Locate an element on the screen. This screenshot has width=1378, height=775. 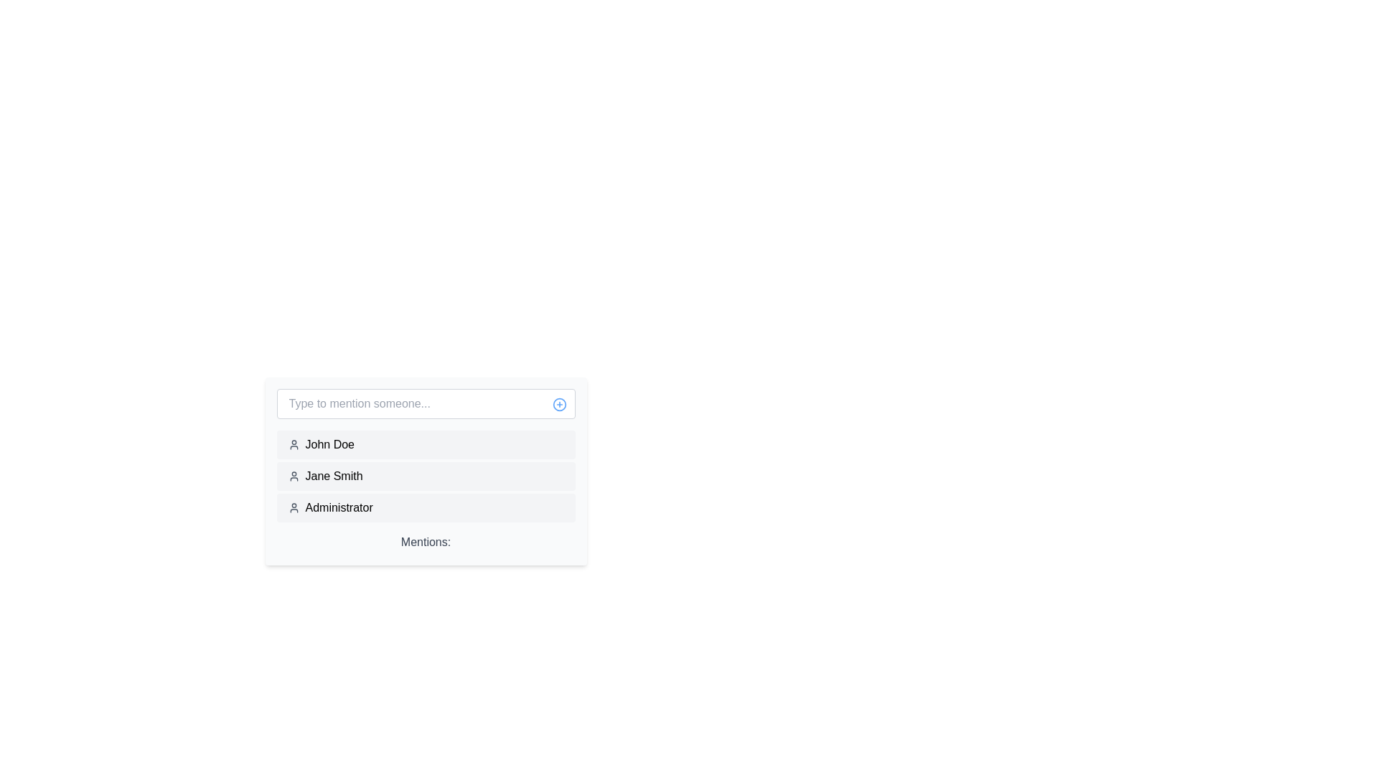
the profile icon representing the user's identity located at the leftmost side of the 'Administrator' row in the dropdown list is located at coordinates (293, 507).